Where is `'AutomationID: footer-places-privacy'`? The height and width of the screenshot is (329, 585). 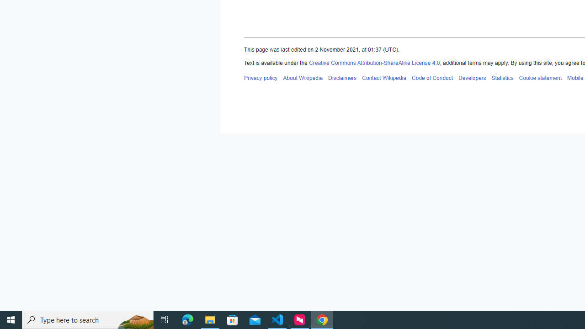 'AutomationID: footer-places-privacy' is located at coordinates (260, 77).